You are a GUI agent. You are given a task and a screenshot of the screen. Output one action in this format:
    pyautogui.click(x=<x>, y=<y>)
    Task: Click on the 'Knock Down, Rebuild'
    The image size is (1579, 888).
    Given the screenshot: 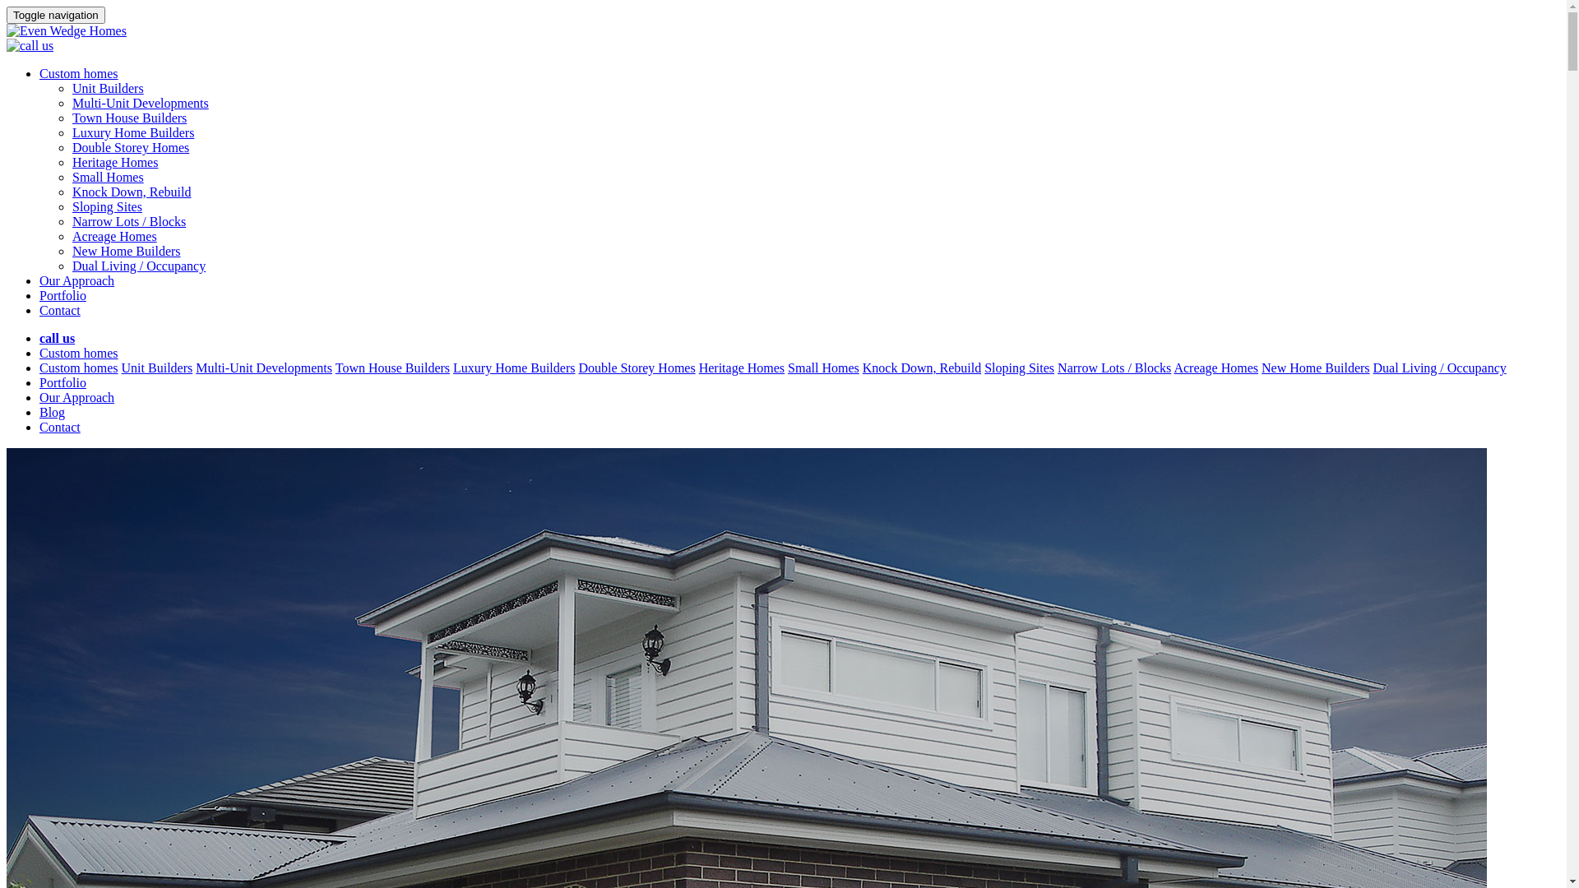 What is the action you would take?
    pyautogui.click(x=71, y=191)
    